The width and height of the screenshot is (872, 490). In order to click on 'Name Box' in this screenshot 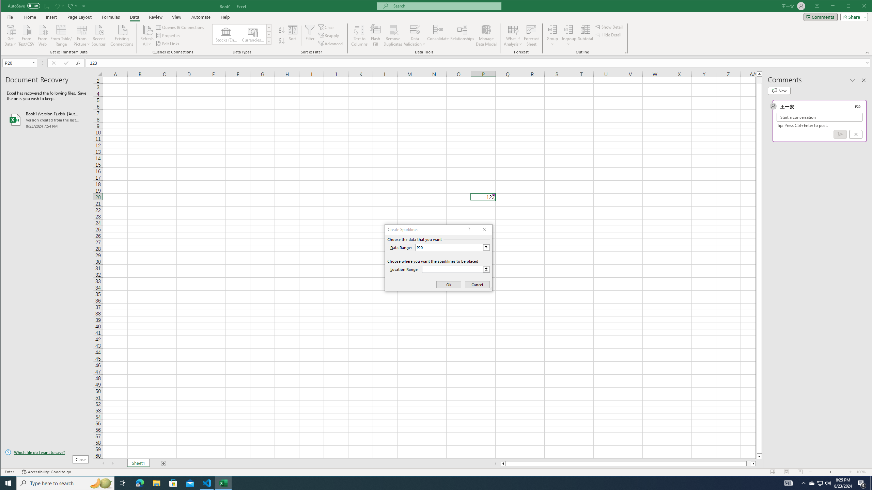, I will do `click(16, 63)`.